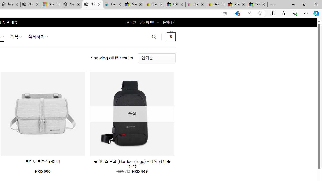 This screenshot has height=181, width=322. What do you see at coordinates (171, 36) in the screenshot?
I see `' 0 '` at bounding box center [171, 36].